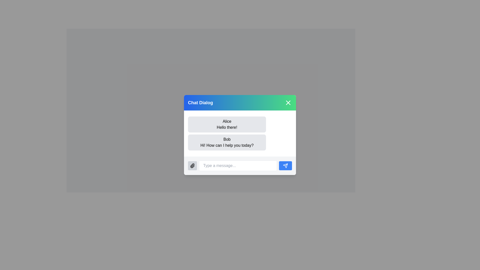  Describe the element at coordinates (285, 166) in the screenshot. I see `the paper plane icon with a blue background and white outline strokes located at the bottom right corner of the dialog interface to send a message` at that location.